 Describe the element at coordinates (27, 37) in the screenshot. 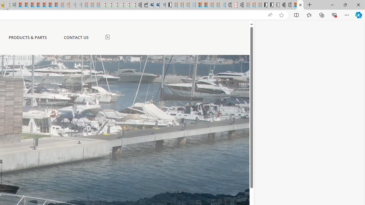

I see `'PRODUCTS & PARTS'` at that location.